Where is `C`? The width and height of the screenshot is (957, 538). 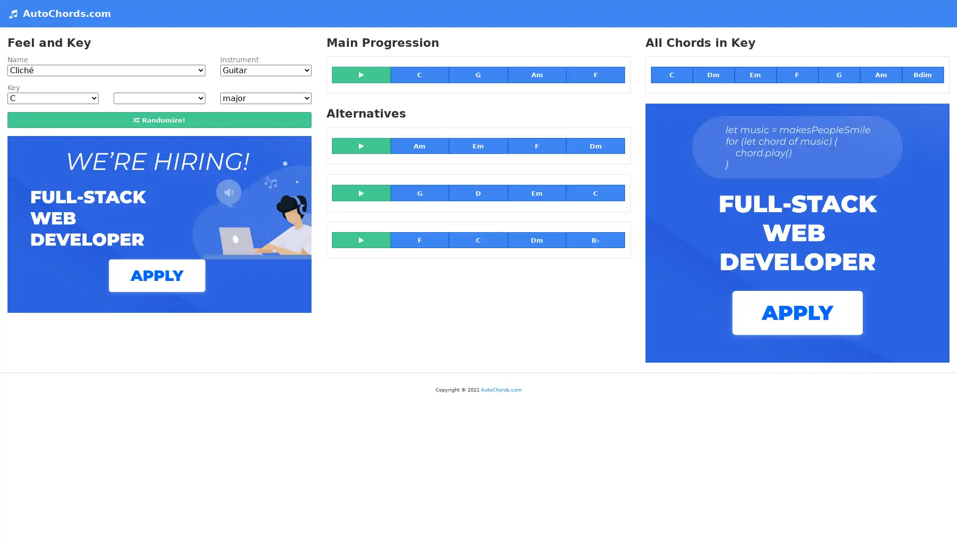
C is located at coordinates (419, 74).